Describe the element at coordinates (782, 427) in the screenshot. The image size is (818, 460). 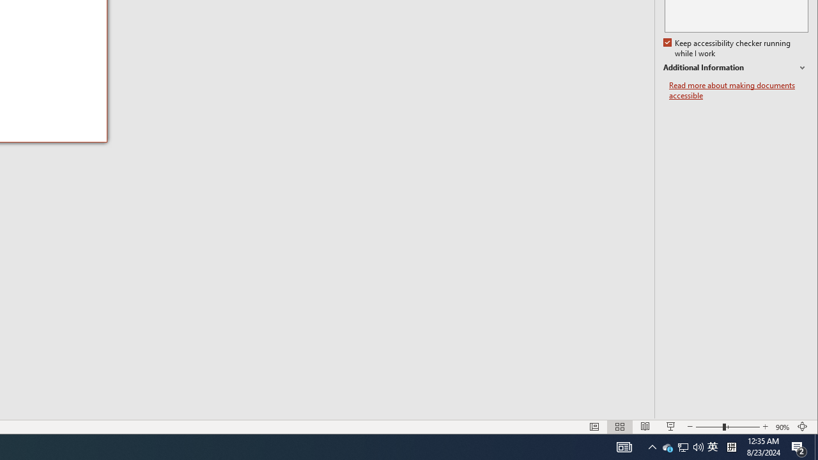
I see `'Zoom 90%'` at that location.